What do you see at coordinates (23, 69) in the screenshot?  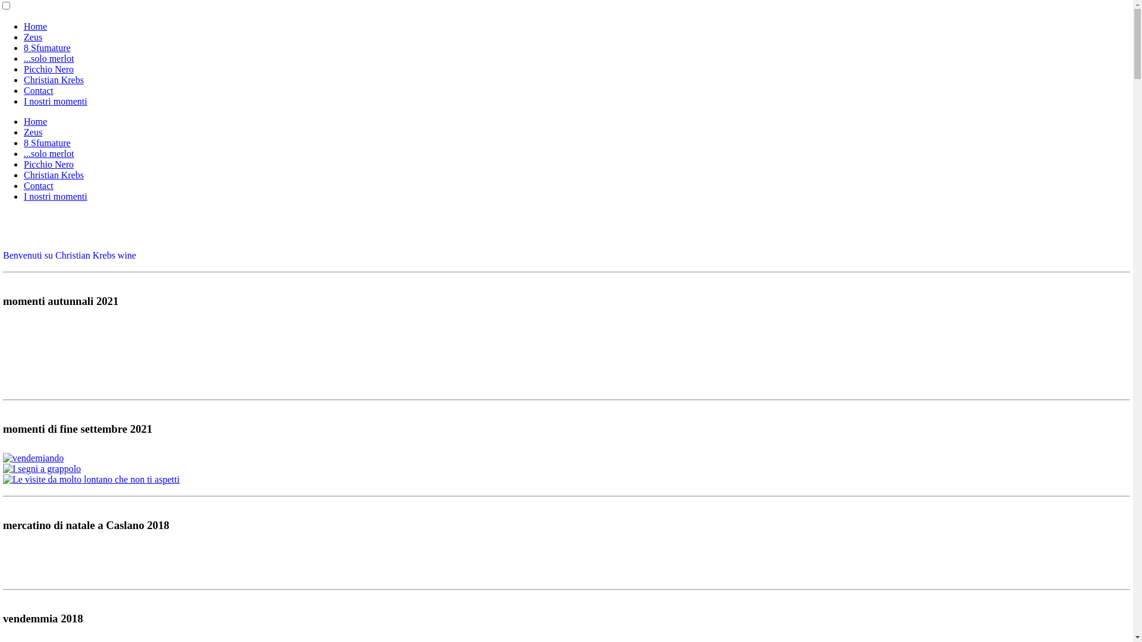 I see `'Picchio Nero'` at bounding box center [23, 69].